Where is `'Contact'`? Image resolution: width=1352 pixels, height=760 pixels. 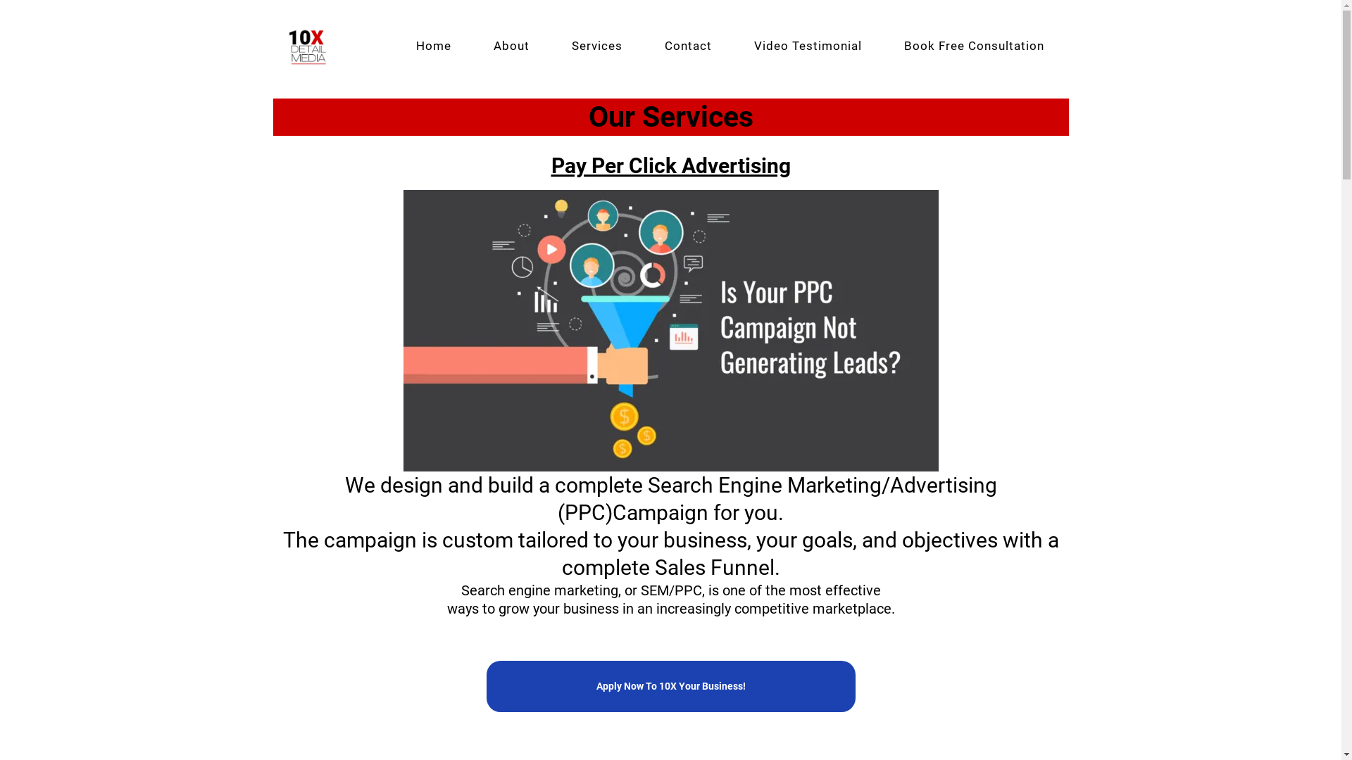
'Contact' is located at coordinates (688, 45).